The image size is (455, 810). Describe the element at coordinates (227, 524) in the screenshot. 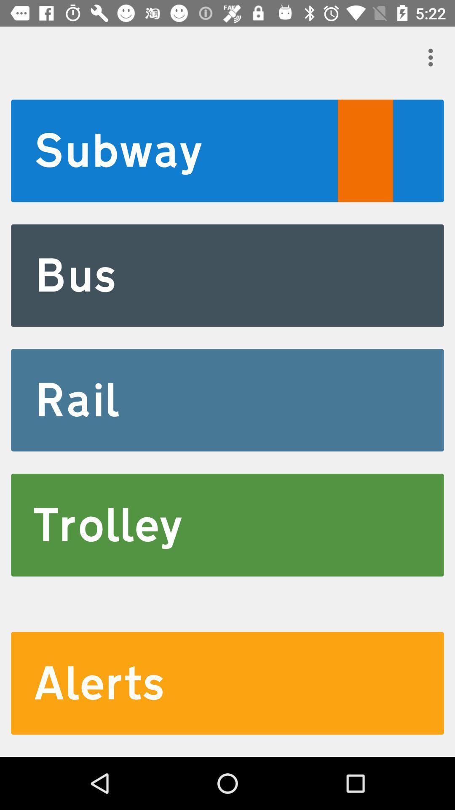

I see `the icon below rail item` at that location.